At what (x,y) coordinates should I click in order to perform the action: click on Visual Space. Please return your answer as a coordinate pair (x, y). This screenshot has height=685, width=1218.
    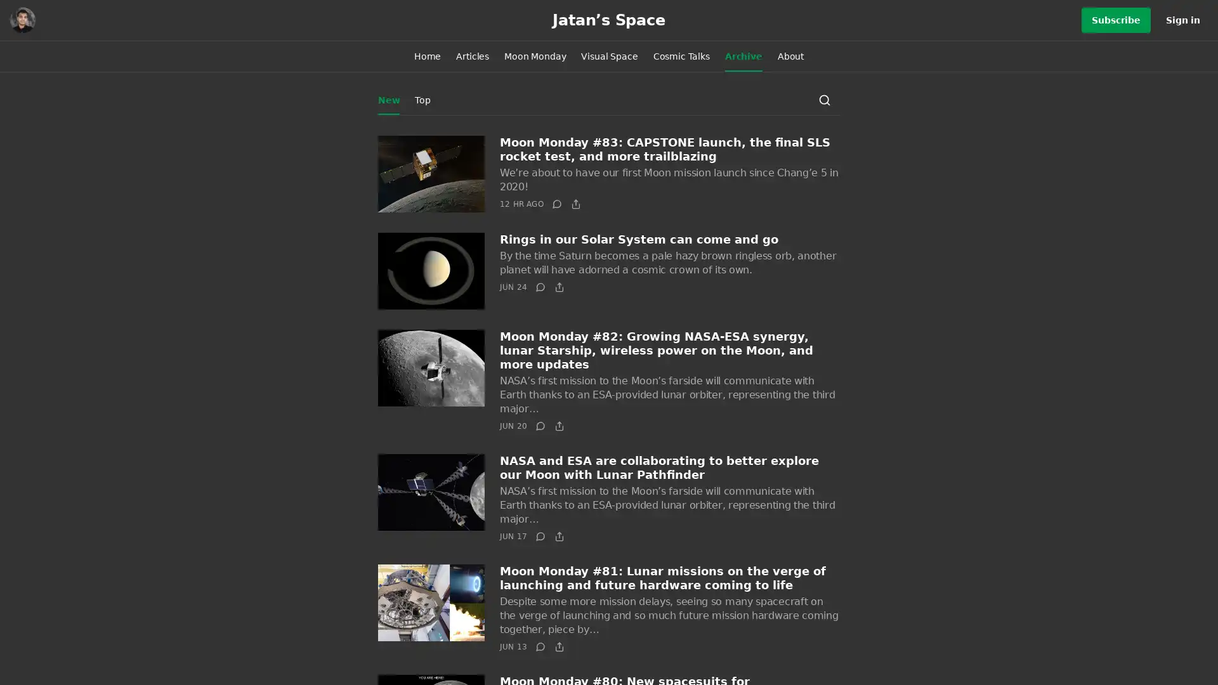
    Looking at the image, I should click on (609, 55).